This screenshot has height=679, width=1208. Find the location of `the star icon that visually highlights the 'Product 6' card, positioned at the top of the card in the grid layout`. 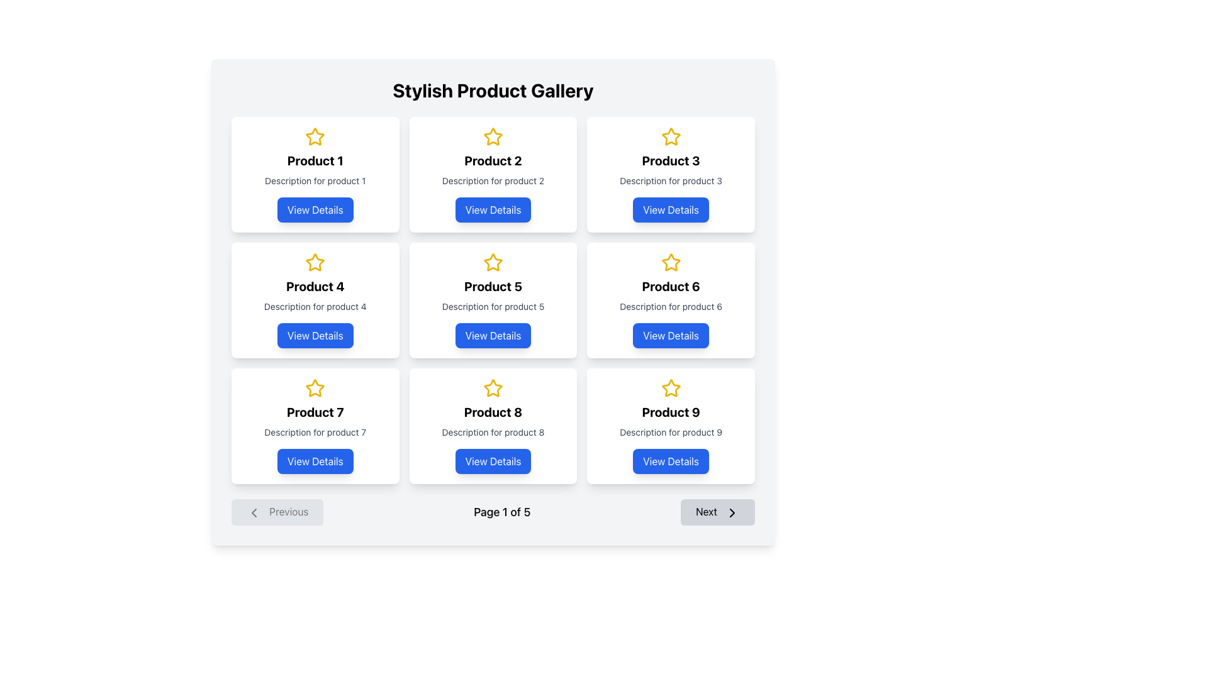

the star icon that visually highlights the 'Product 6' card, positioned at the top of the card in the grid layout is located at coordinates (670, 262).